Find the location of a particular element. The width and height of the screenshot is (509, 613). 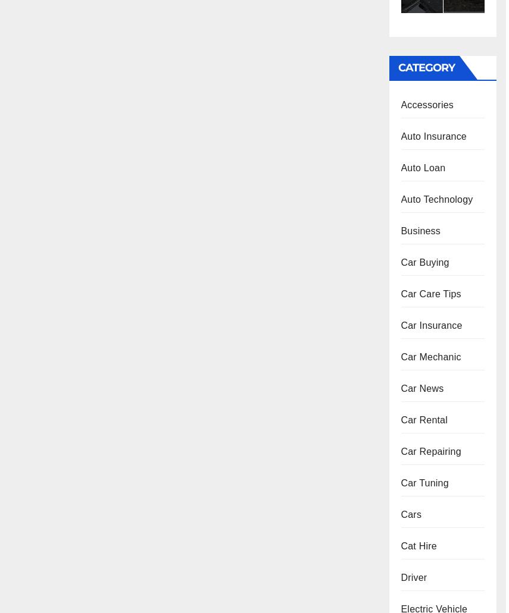

'Cat Hire' is located at coordinates (417, 546).